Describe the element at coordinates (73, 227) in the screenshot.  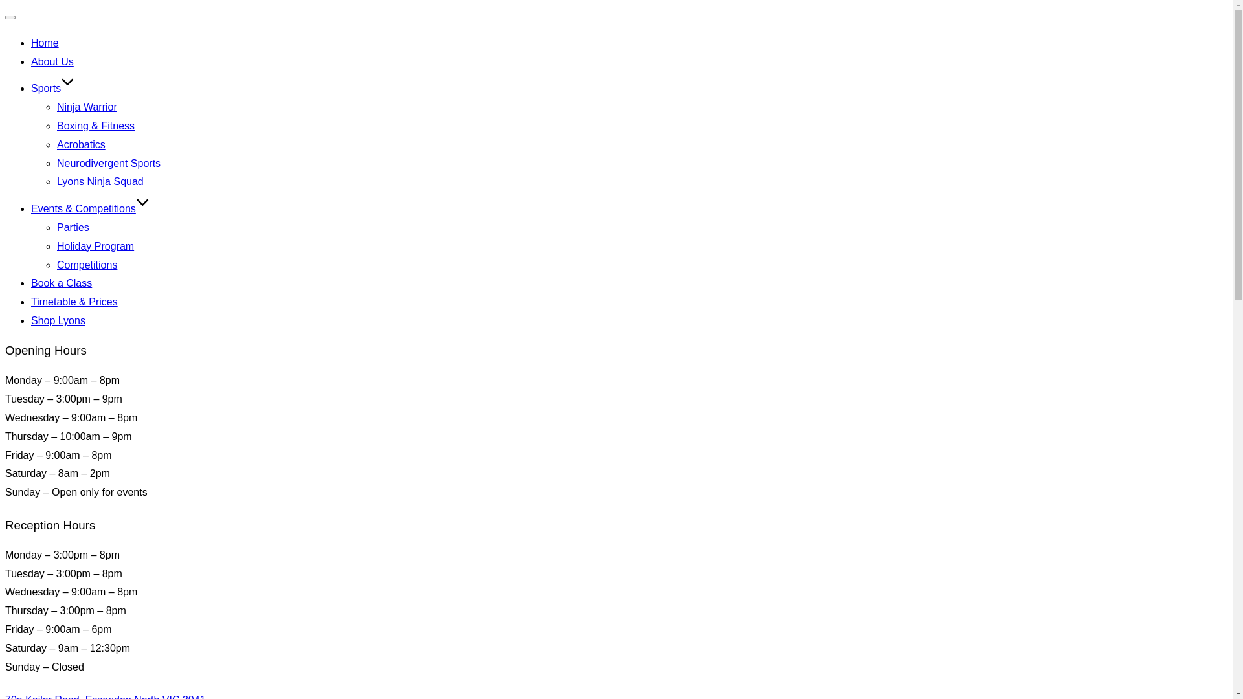
I see `'Parties'` at that location.